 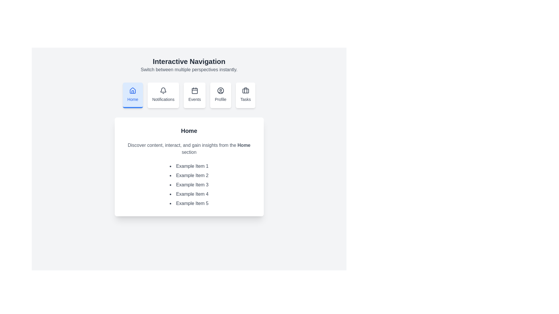 I want to click on the thin rectangle with rounded corners that represents the handle of the briefcase icon in the 'Tasks' tab located in the top navigation bar, so click(x=245, y=91).